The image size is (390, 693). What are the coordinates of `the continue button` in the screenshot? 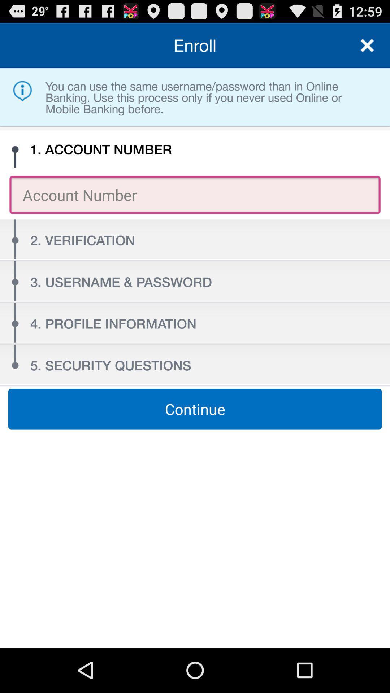 It's located at (195, 409).